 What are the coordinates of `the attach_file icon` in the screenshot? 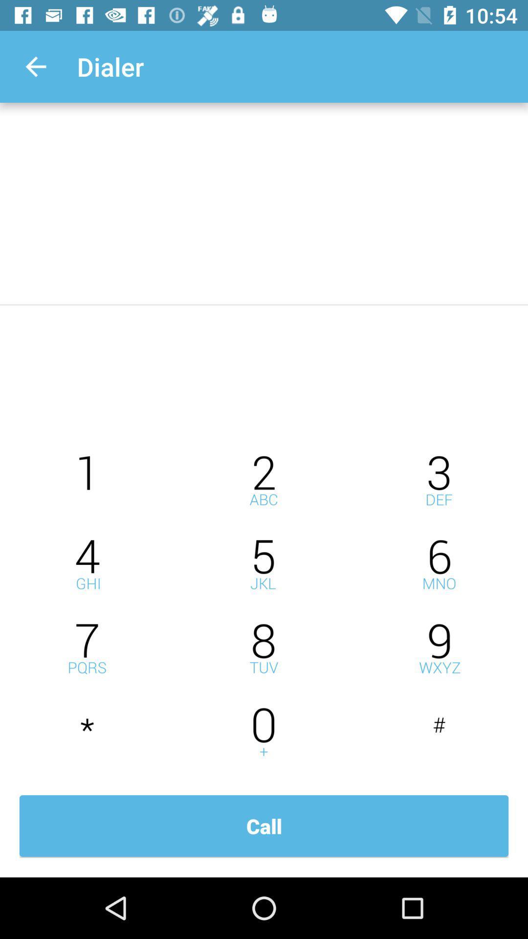 It's located at (264, 733).